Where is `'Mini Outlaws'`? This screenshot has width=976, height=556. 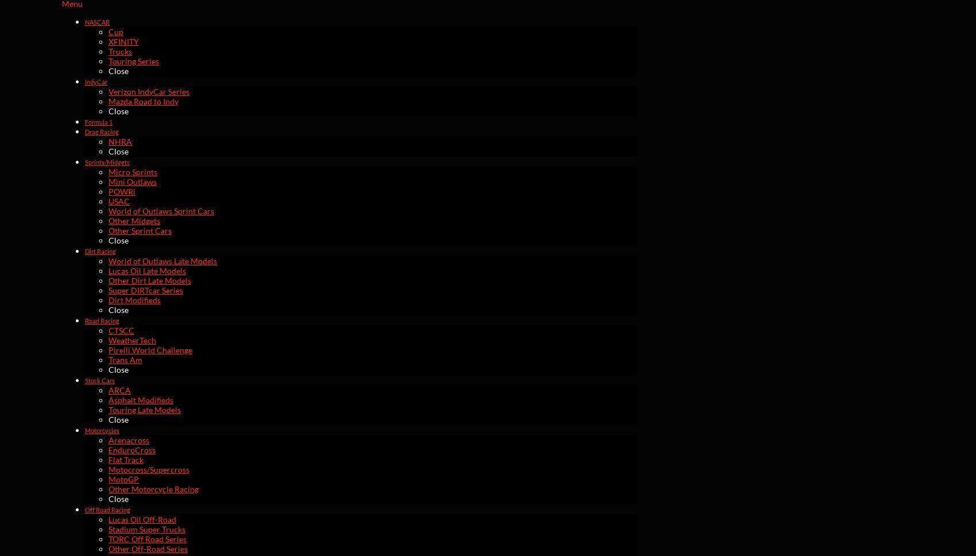 'Mini Outlaws' is located at coordinates (133, 180).